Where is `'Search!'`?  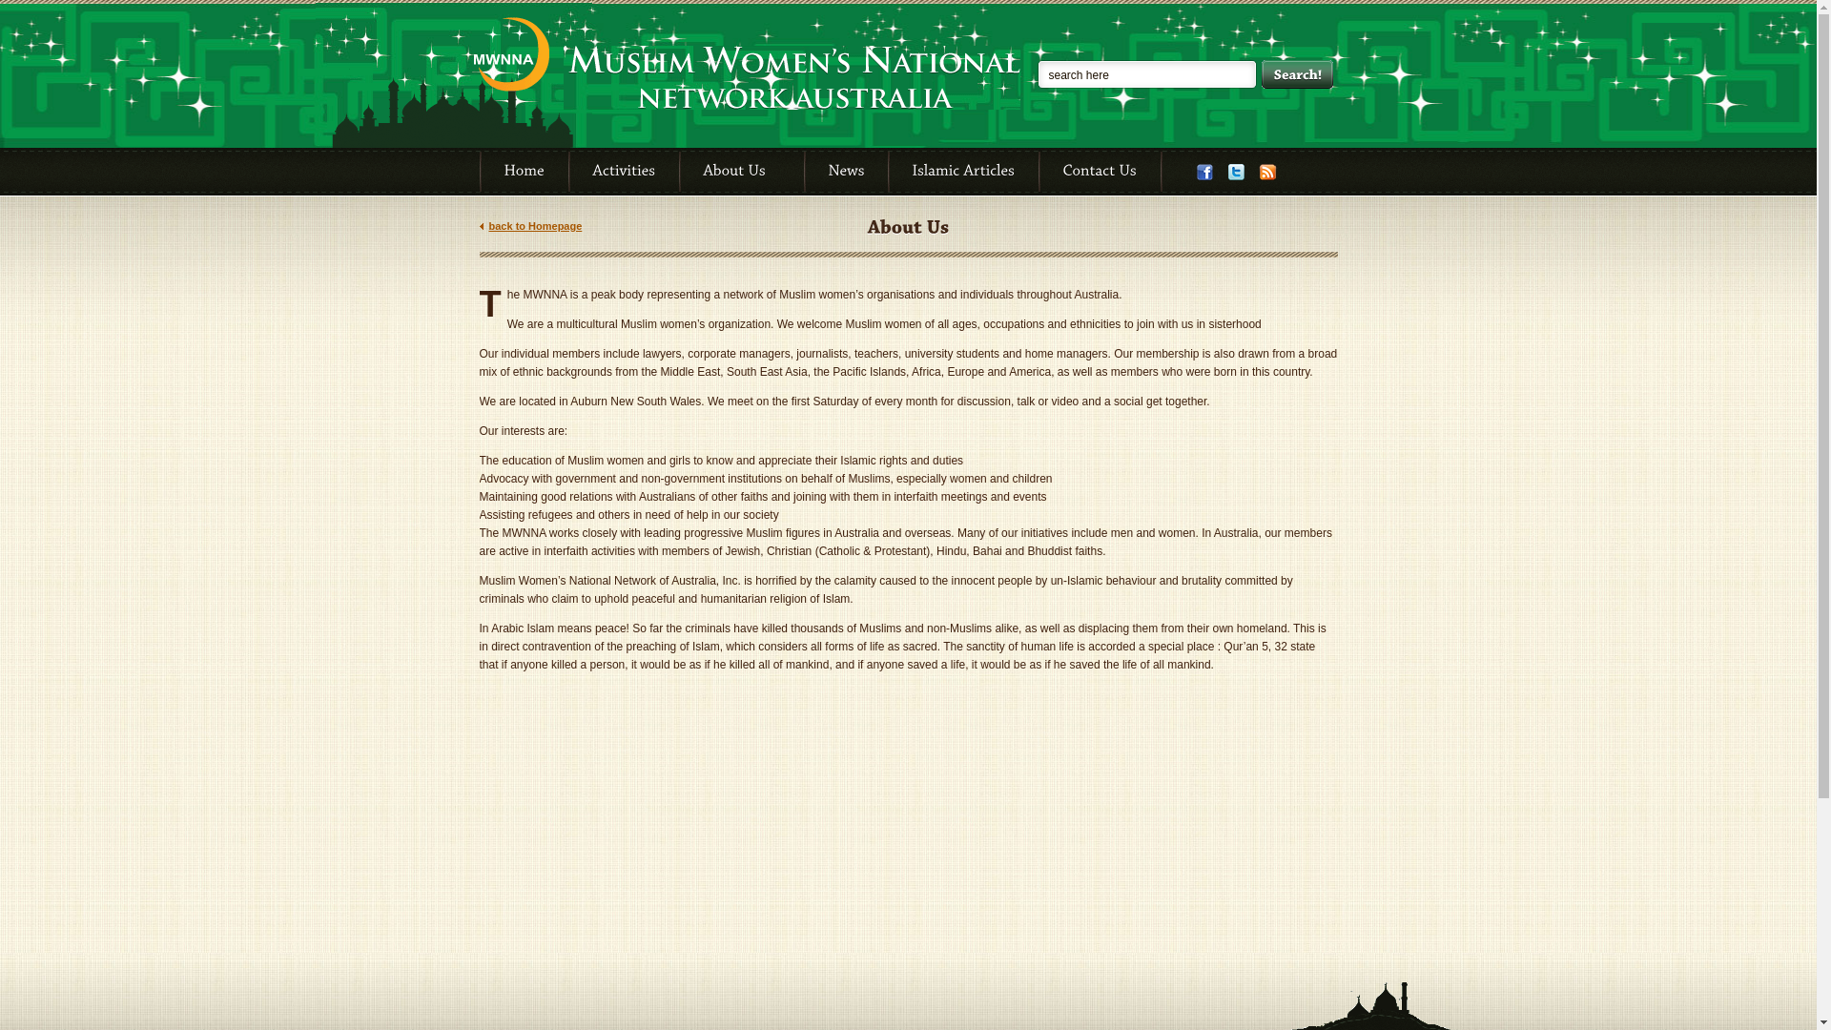 'Search!' is located at coordinates (1296, 72).